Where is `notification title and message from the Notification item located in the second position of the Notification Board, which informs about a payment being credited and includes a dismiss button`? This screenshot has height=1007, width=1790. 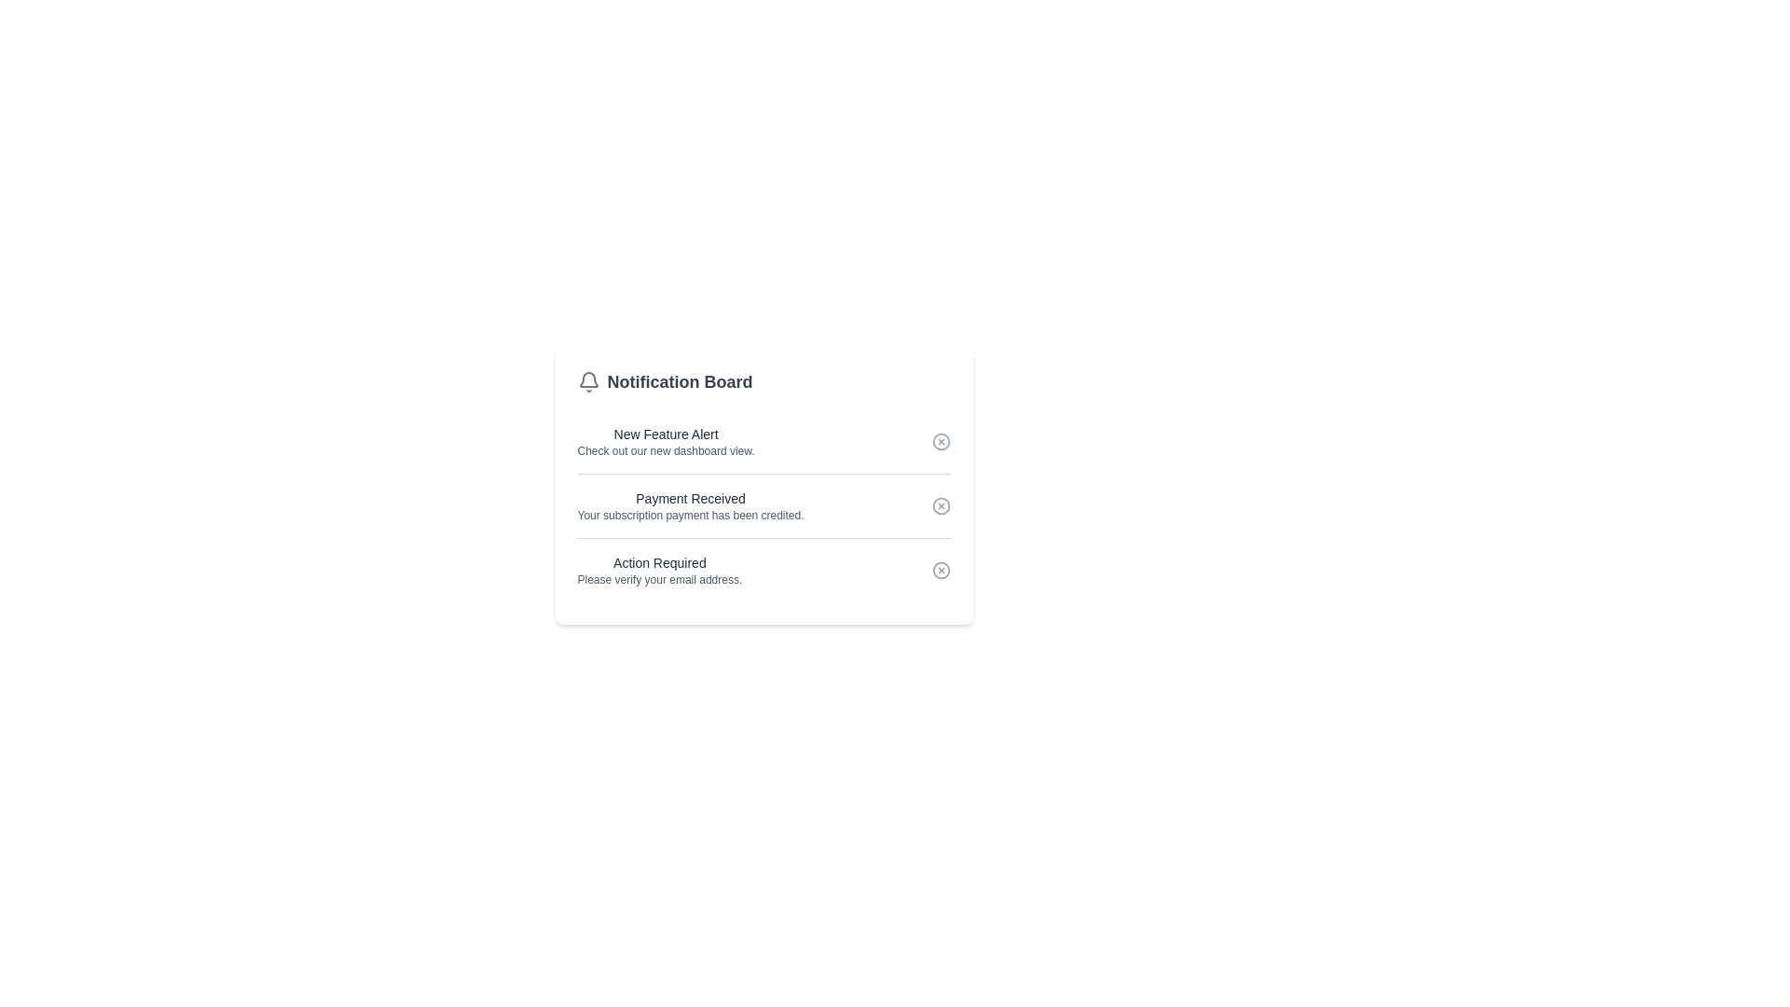
notification title and message from the Notification item located in the second position of the Notification Board, which informs about a payment being credited and includes a dismiss button is located at coordinates (764, 505).